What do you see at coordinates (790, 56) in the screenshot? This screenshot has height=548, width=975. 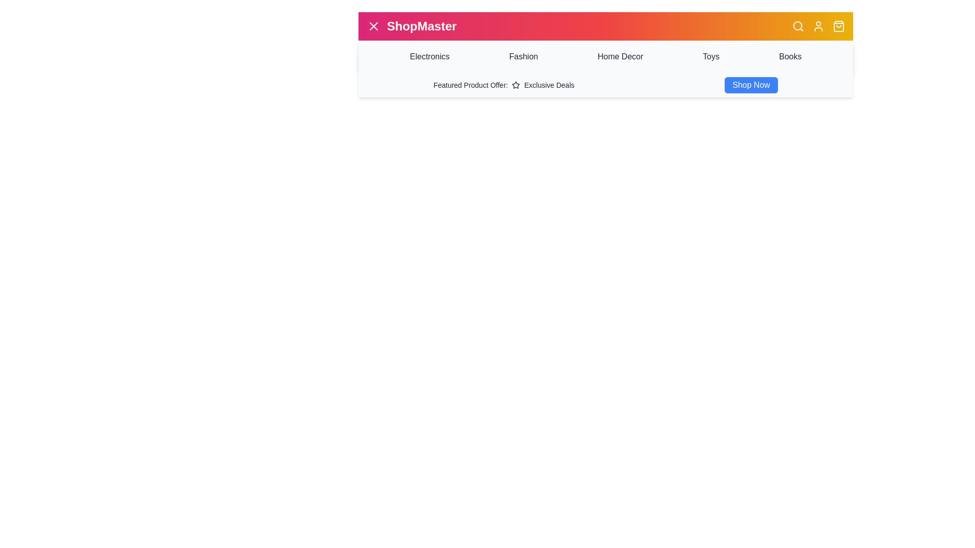 I see `the category Books to navigate to the respective section` at bounding box center [790, 56].